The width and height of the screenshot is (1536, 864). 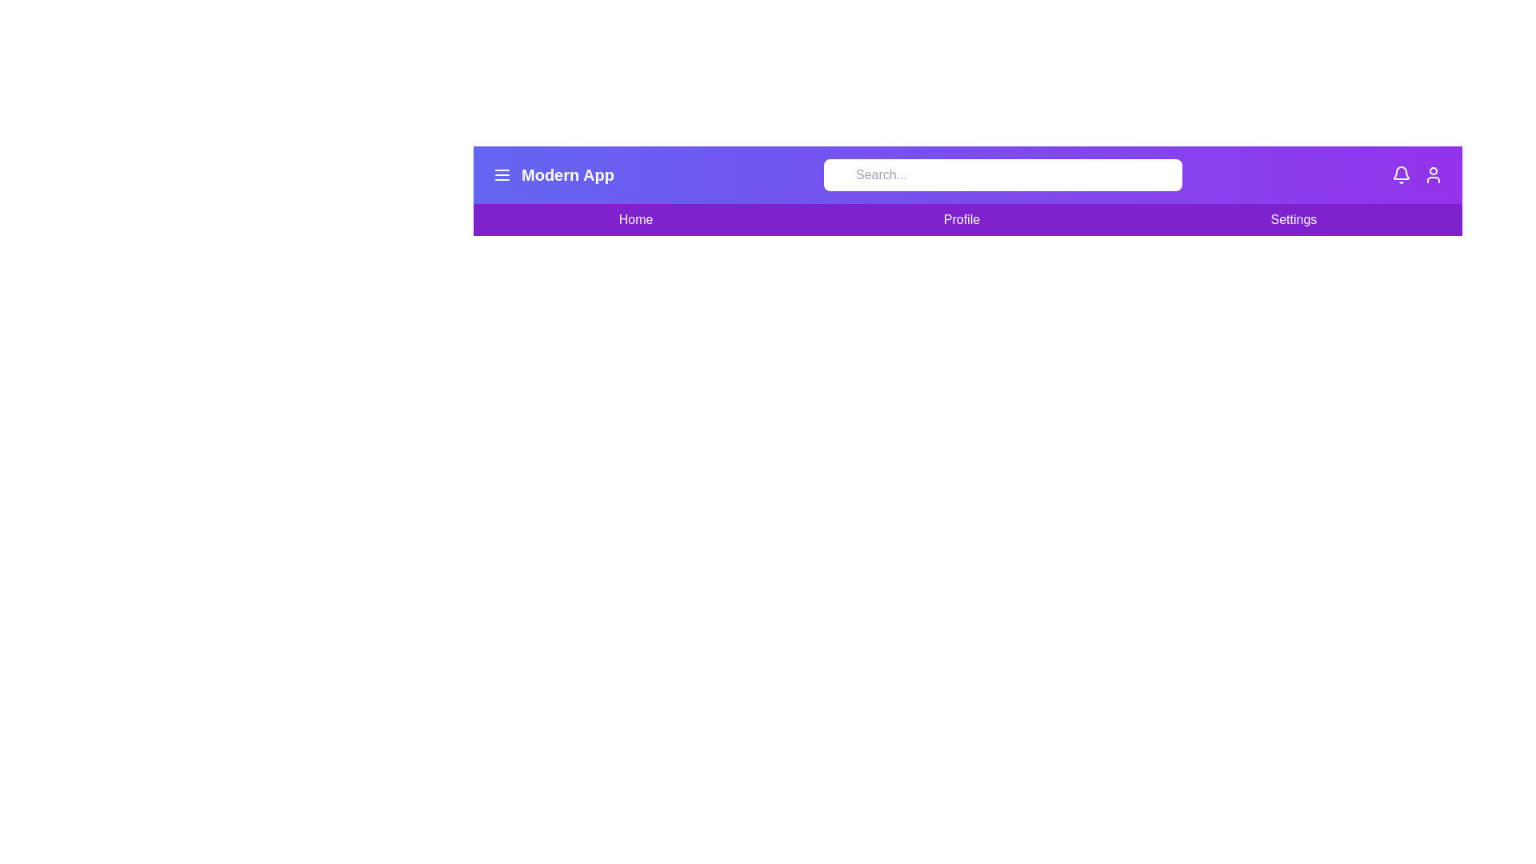 I want to click on the bell icon in the app bar, so click(x=1401, y=175).